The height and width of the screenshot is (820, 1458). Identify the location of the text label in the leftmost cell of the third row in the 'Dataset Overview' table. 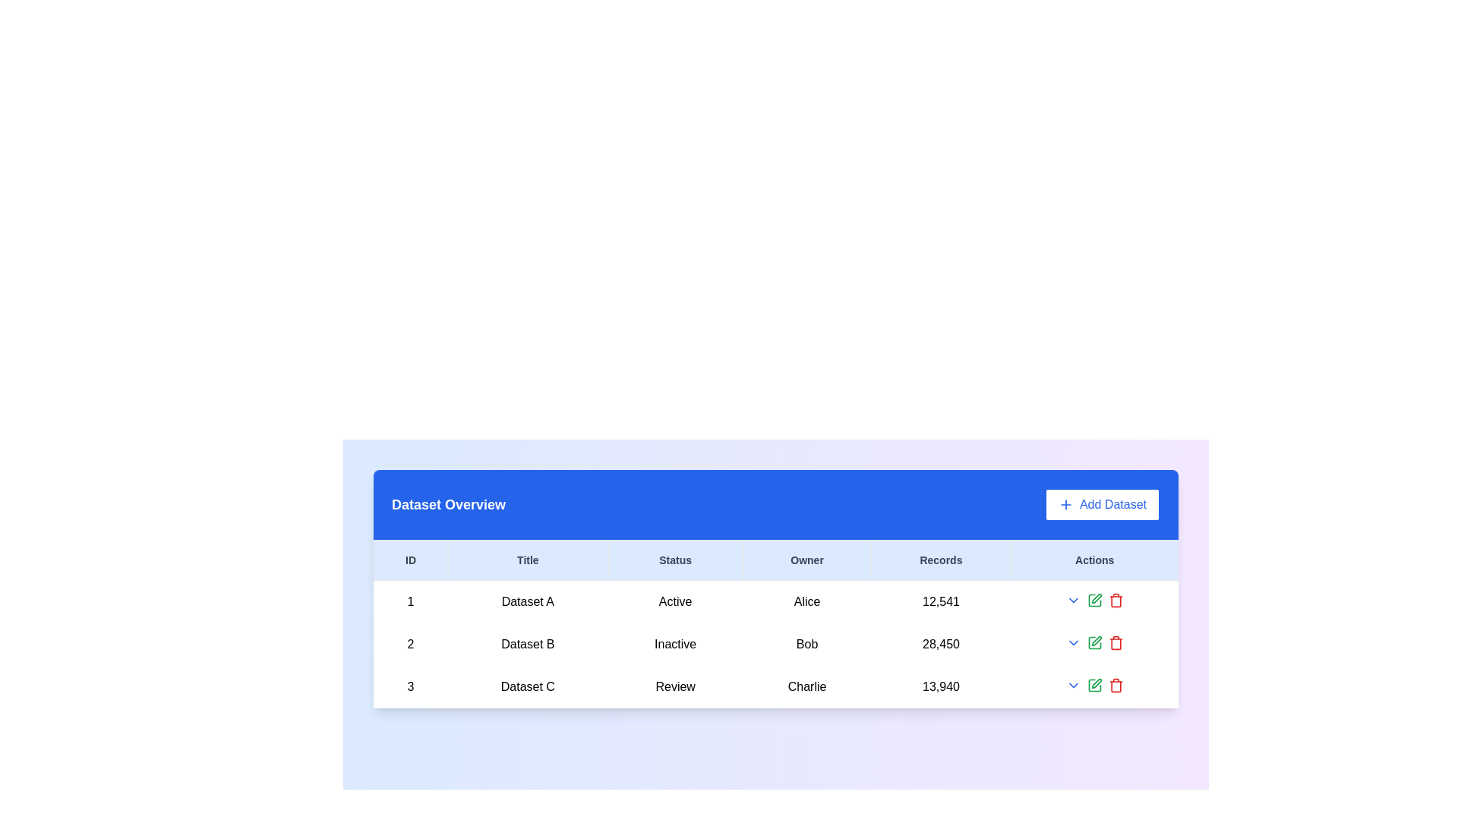
(411, 687).